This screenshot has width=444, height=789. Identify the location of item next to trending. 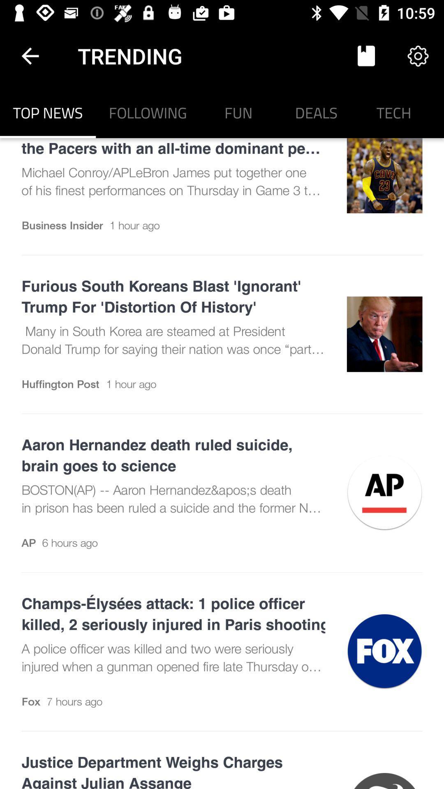
(366, 55).